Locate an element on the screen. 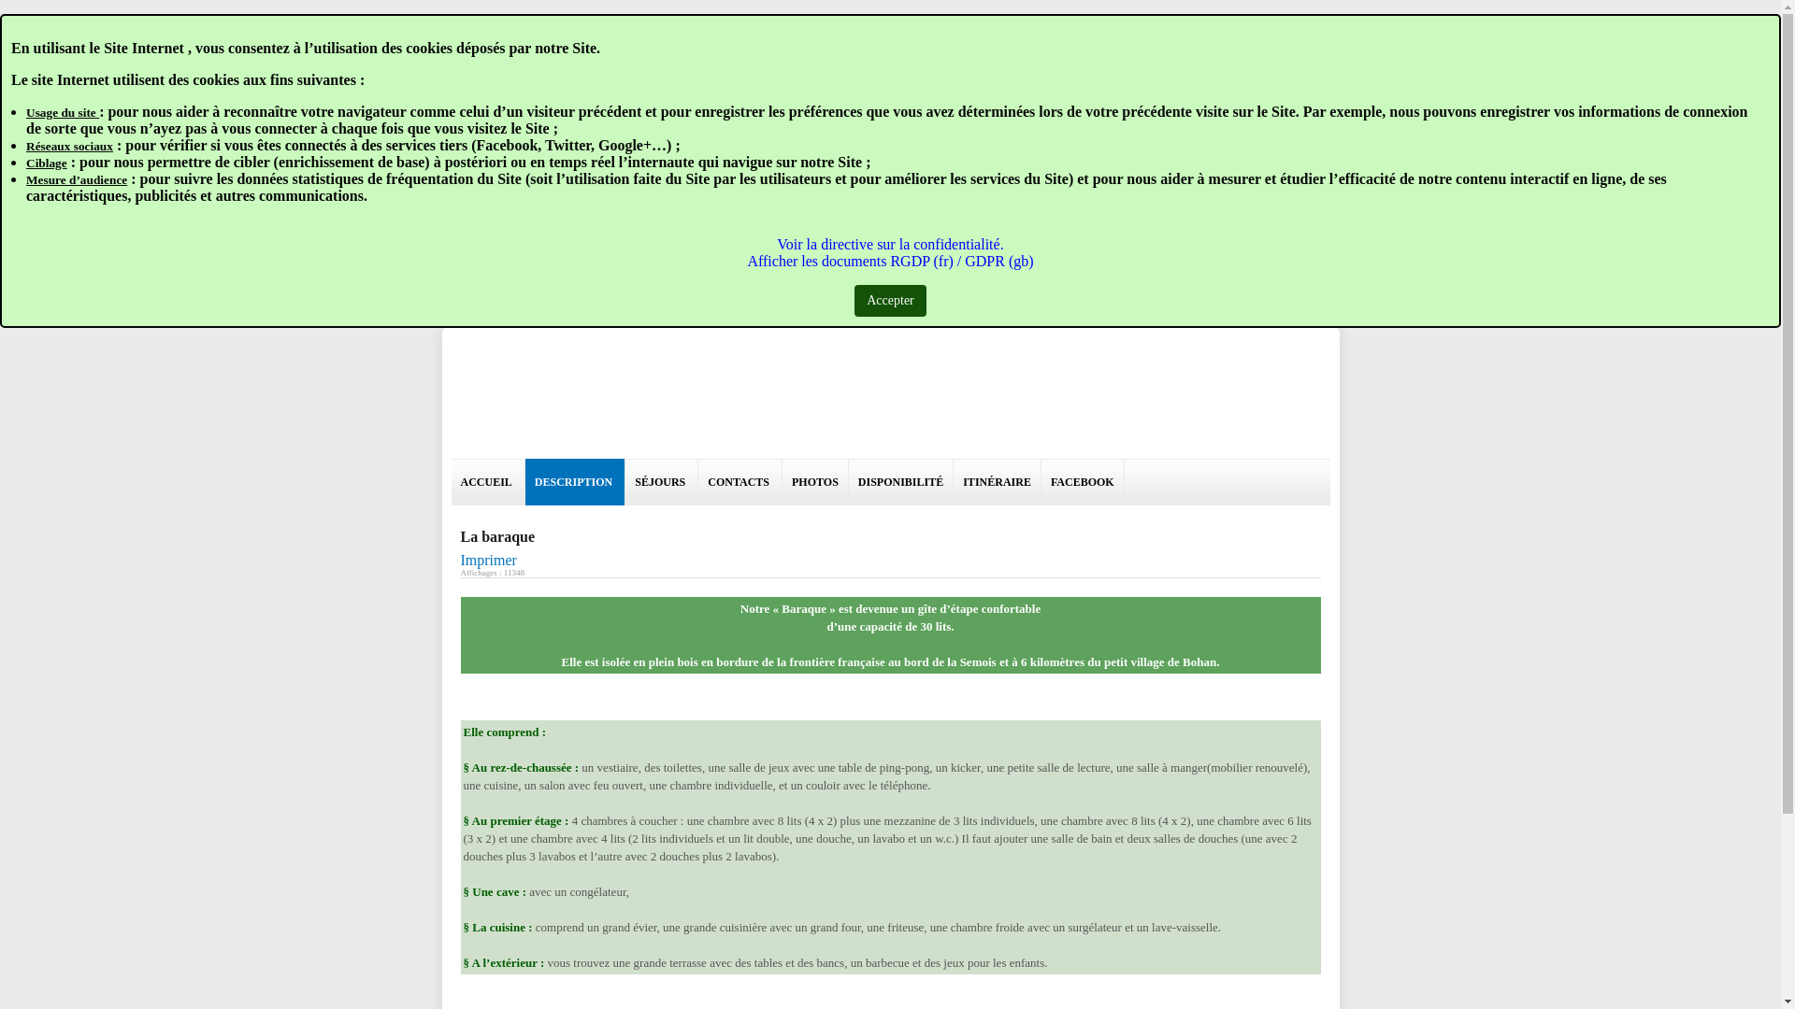 This screenshot has width=1795, height=1009. 'CONTACTS' is located at coordinates (740, 481).